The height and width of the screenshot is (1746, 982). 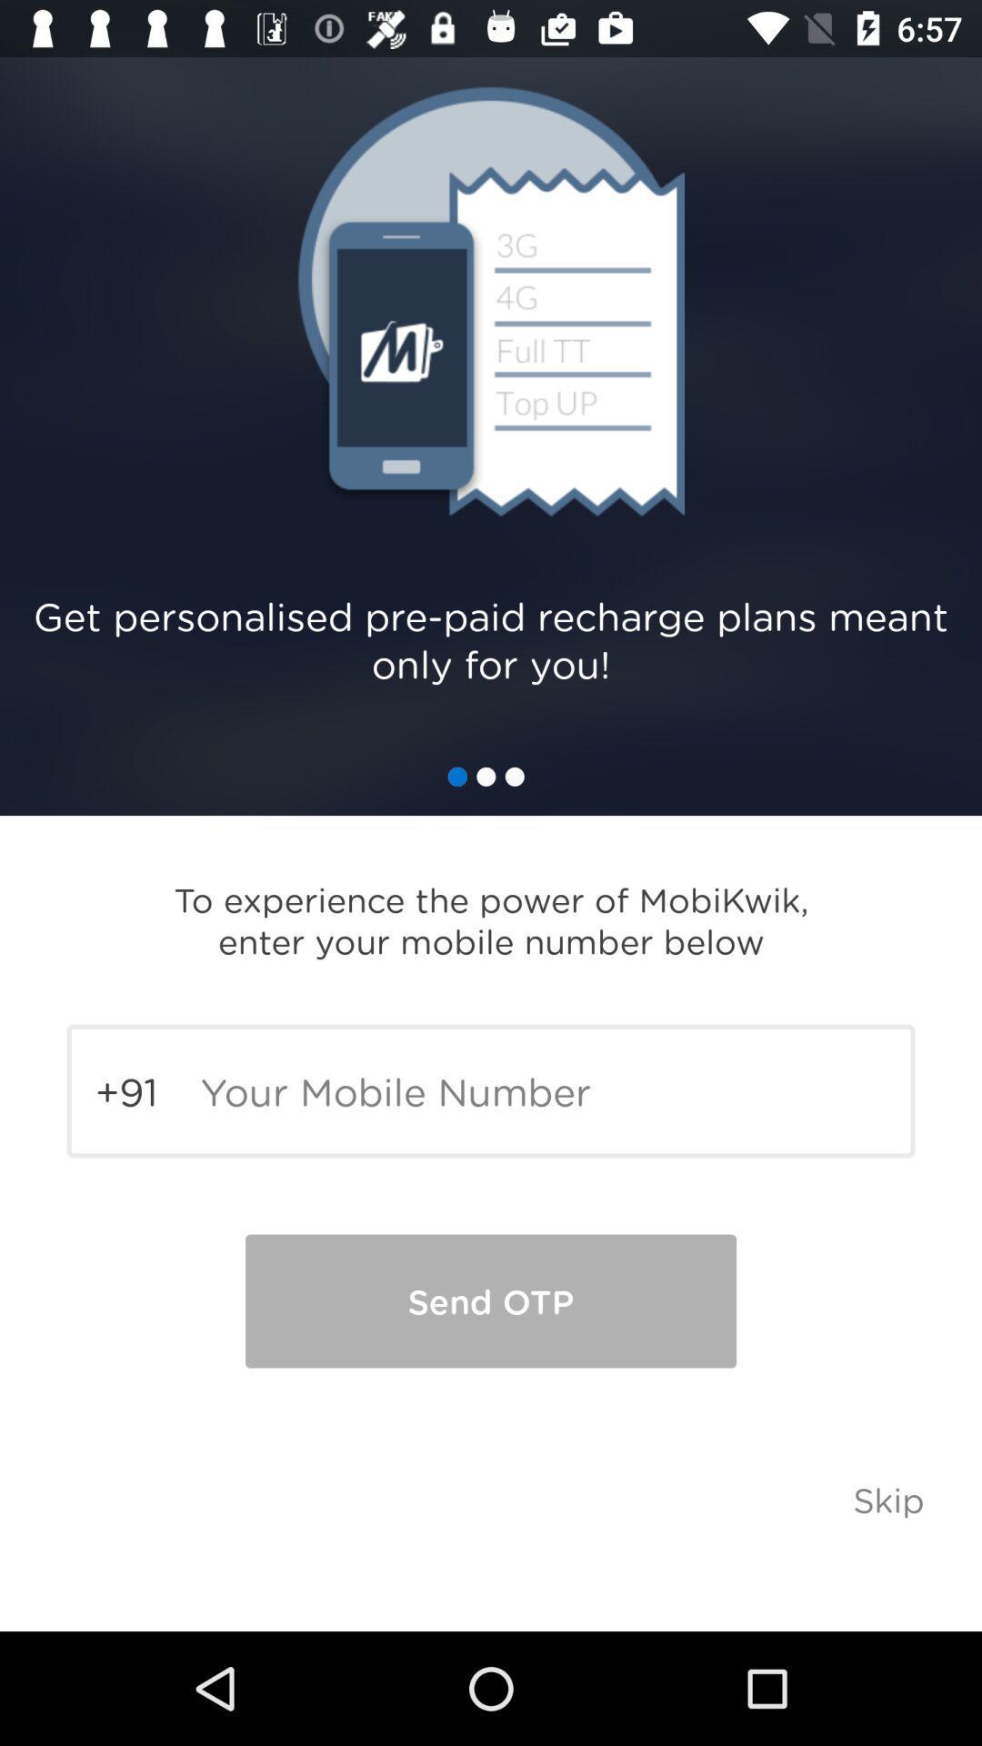 I want to click on skip, so click(x=887, y=1499).